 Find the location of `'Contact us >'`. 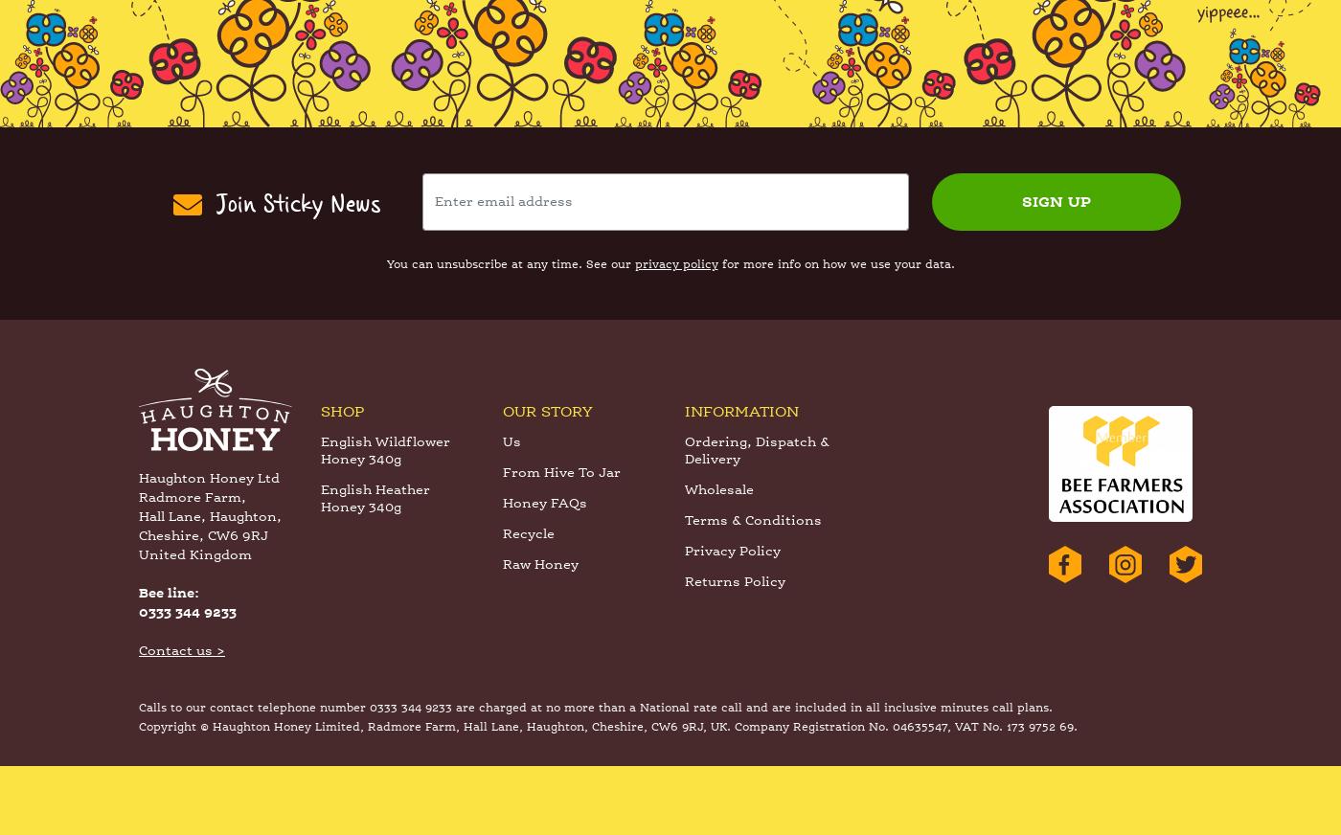

'Contact us >' is located at coordinates (181, 721).